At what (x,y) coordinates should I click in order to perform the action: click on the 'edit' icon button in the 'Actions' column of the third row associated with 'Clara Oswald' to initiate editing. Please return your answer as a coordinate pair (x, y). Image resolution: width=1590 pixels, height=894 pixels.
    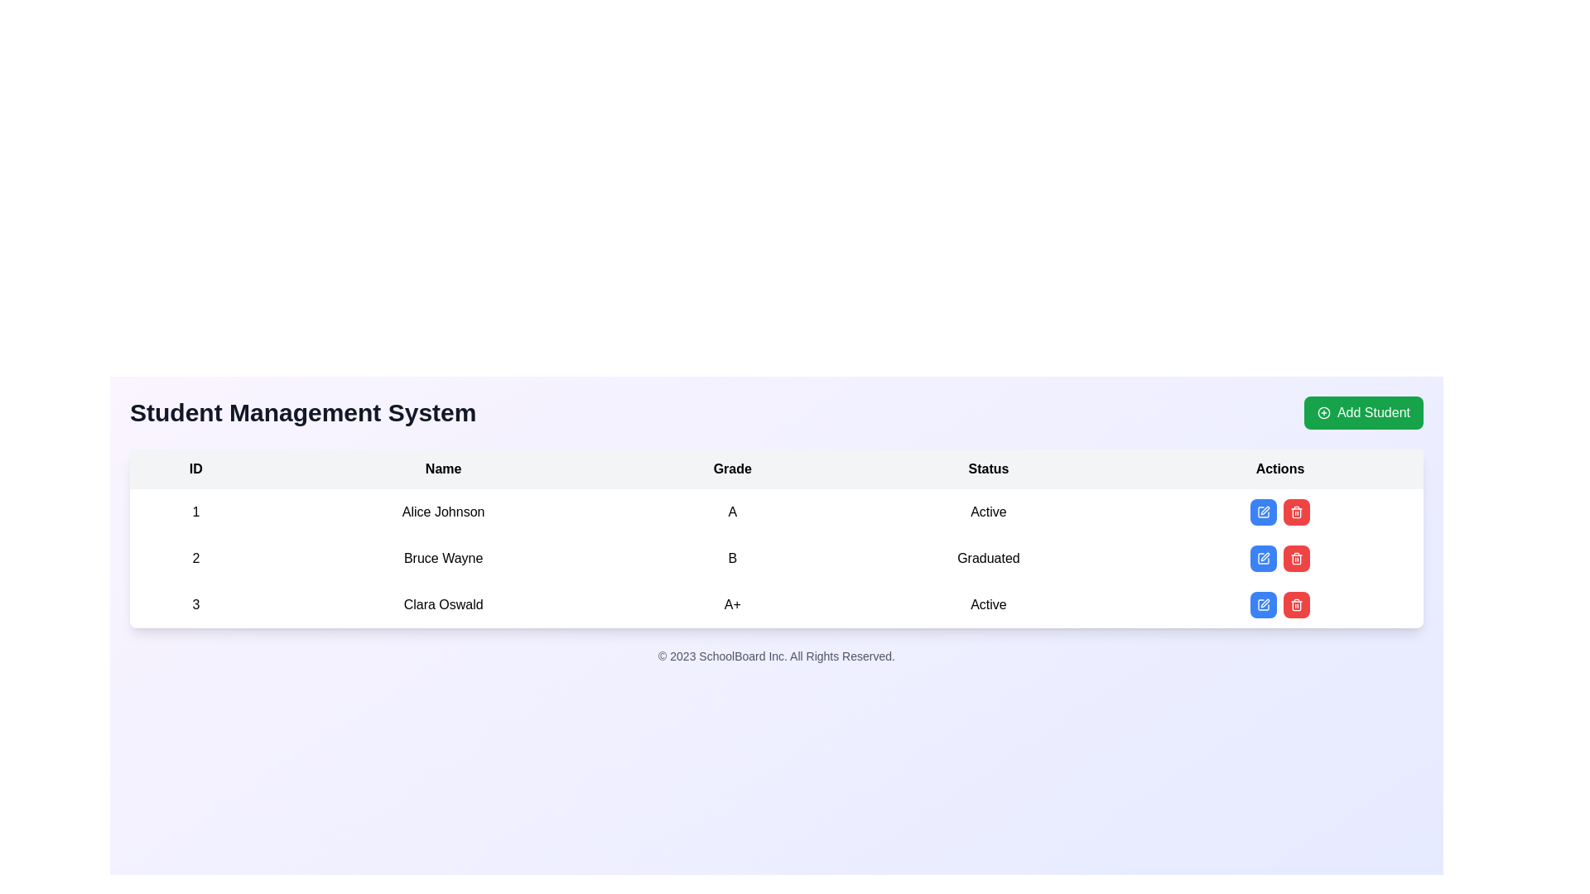
    Looking at the image, I should click on (1263, 511).